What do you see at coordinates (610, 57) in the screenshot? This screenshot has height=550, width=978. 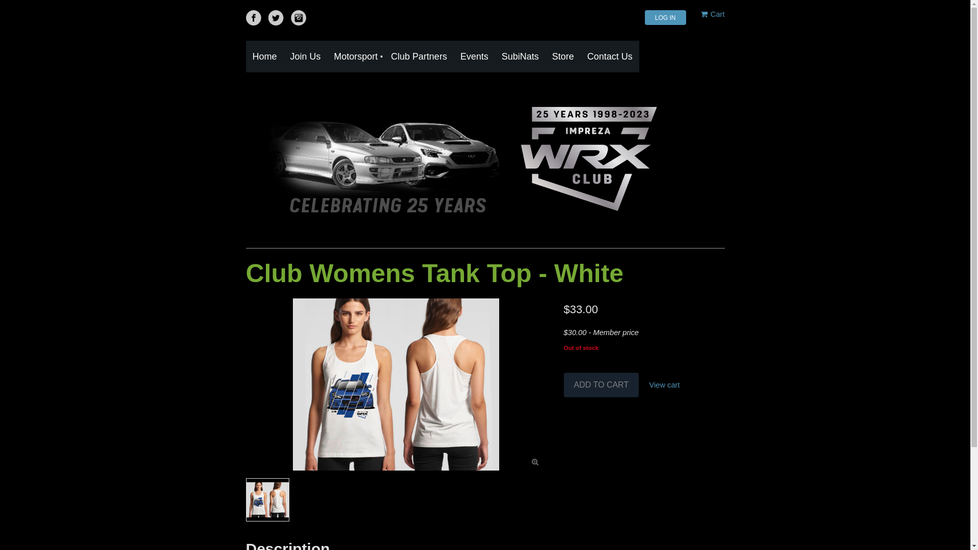 I see `'Contact Us'` at bounding box center [610, 57].